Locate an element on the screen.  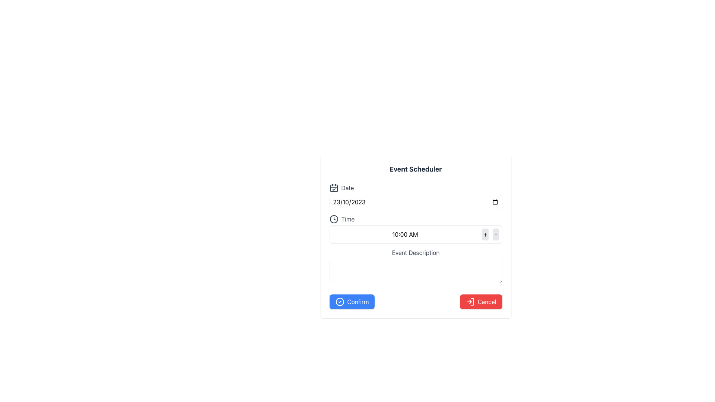
the circular checkmark icon inside the blue 'Confirm' button, which symbolizes confirmation or success is located at coordinates (339, 301).